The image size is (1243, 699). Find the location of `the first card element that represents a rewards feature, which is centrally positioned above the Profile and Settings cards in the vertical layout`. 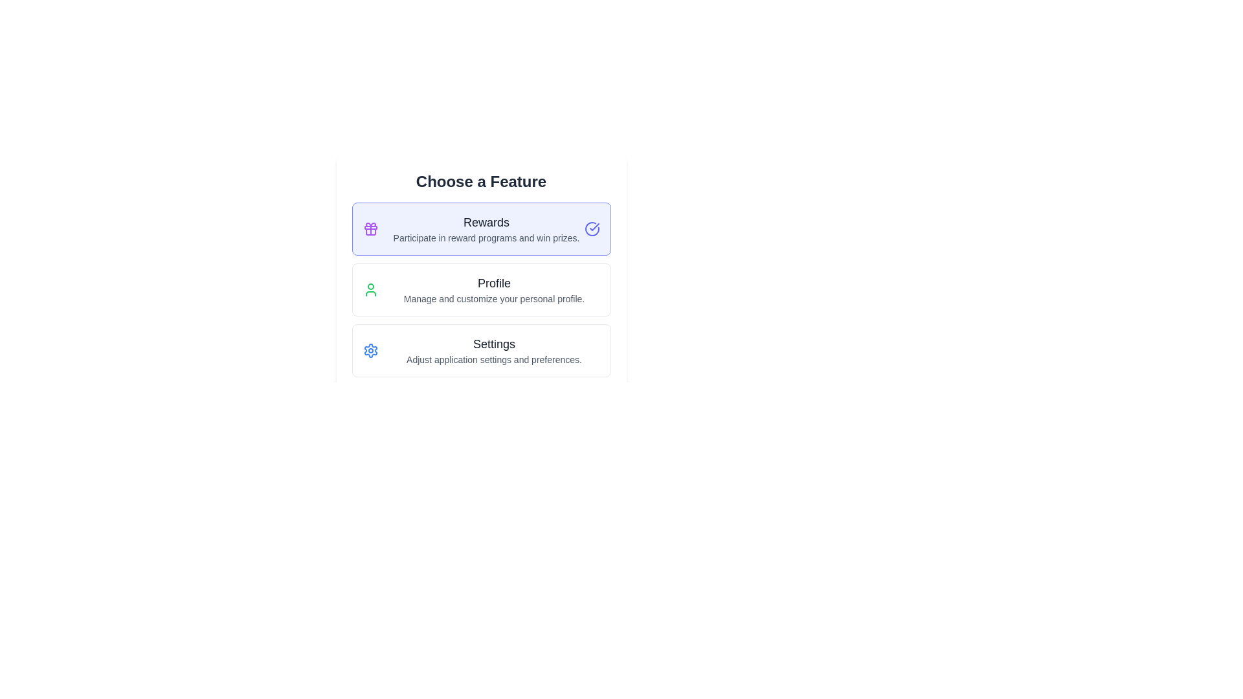

the first card element that represents a rewards feature, which is centrally positioned above the Profile and Settings cards in the vertical layout is located at coordinates (480, 228).